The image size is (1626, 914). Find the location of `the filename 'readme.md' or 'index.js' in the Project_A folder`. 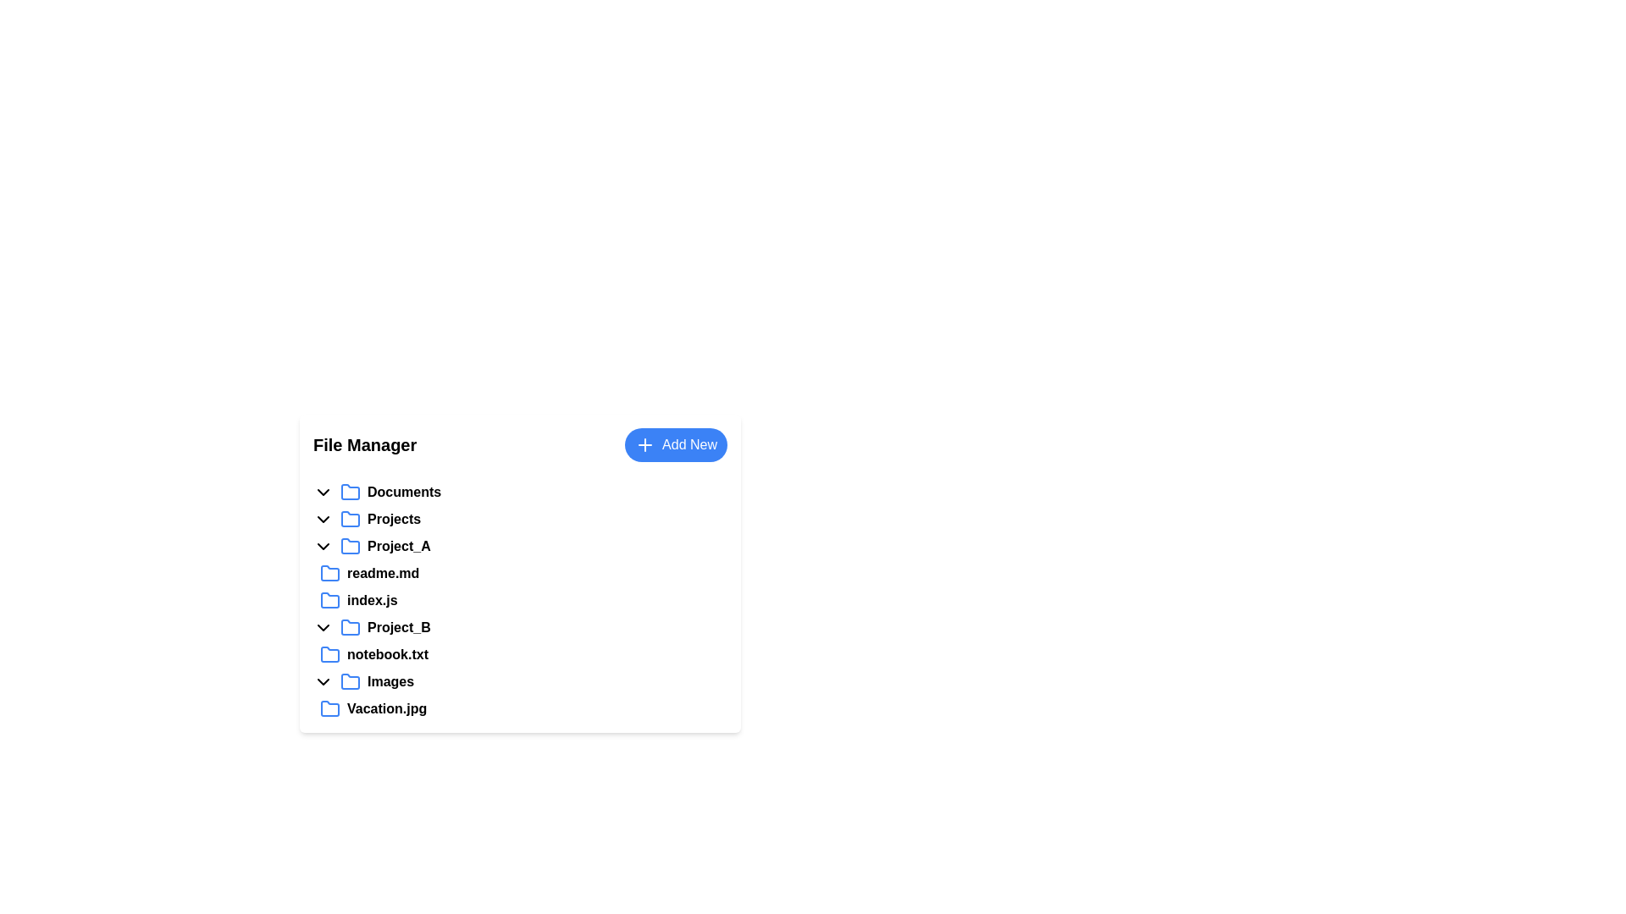

the filename 'readme.md' or 'index.js' in the Project_A folder is located at coordinates (519, 586).